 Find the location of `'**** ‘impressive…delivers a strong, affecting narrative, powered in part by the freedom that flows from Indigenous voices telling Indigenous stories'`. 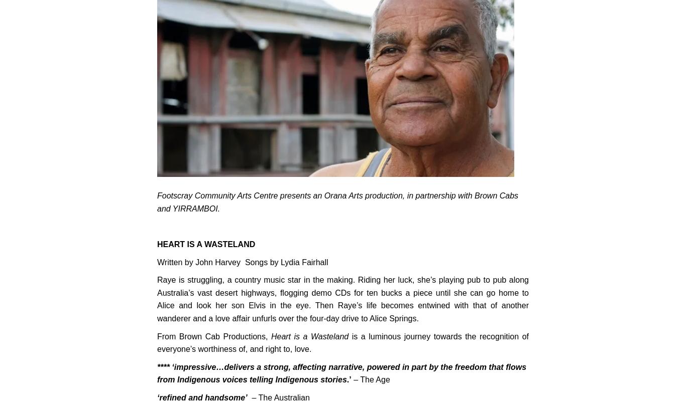

'**** ‘impressive…delivers a strong, affecting narrative, powered in part by the freedom that flows from Indigenous voices telling Indigenous stories' is located at coordinates (341, 373).